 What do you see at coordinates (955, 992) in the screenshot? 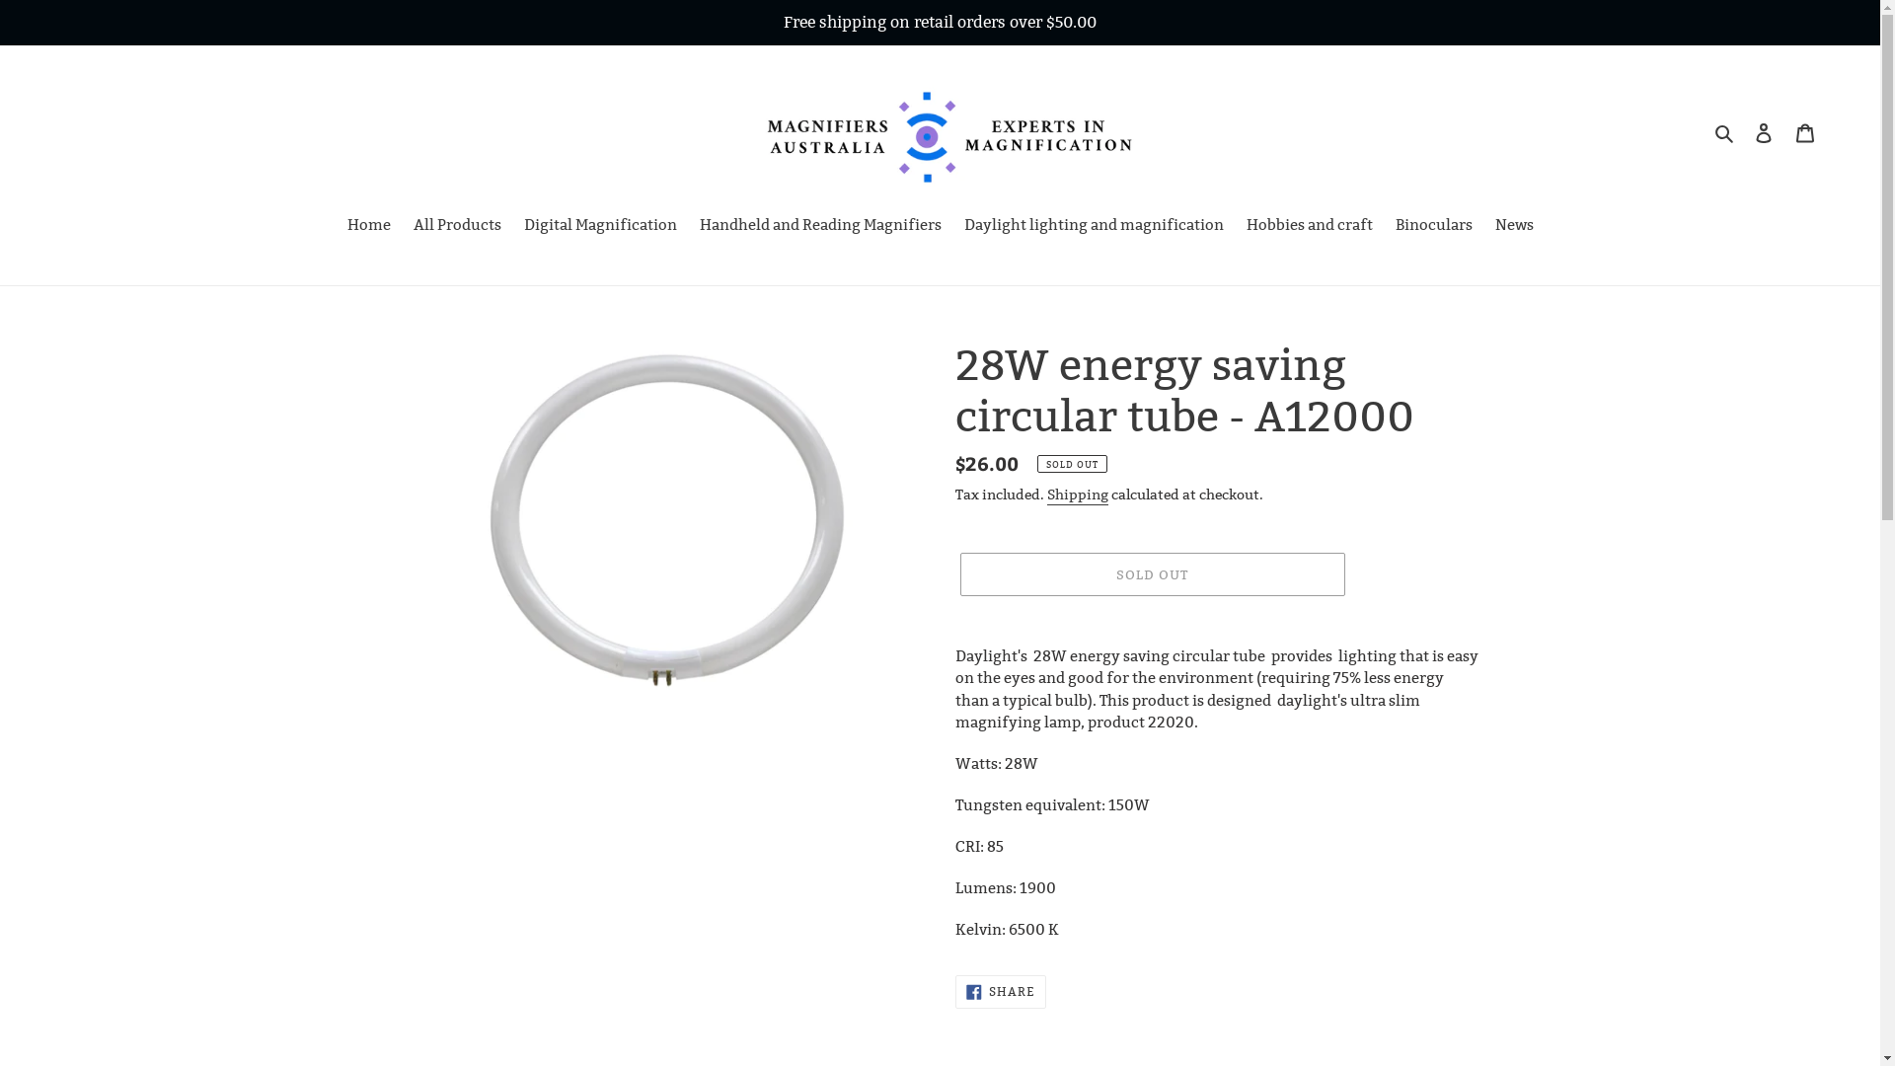
I see `'SHARE` at bounding box center [955, 992].